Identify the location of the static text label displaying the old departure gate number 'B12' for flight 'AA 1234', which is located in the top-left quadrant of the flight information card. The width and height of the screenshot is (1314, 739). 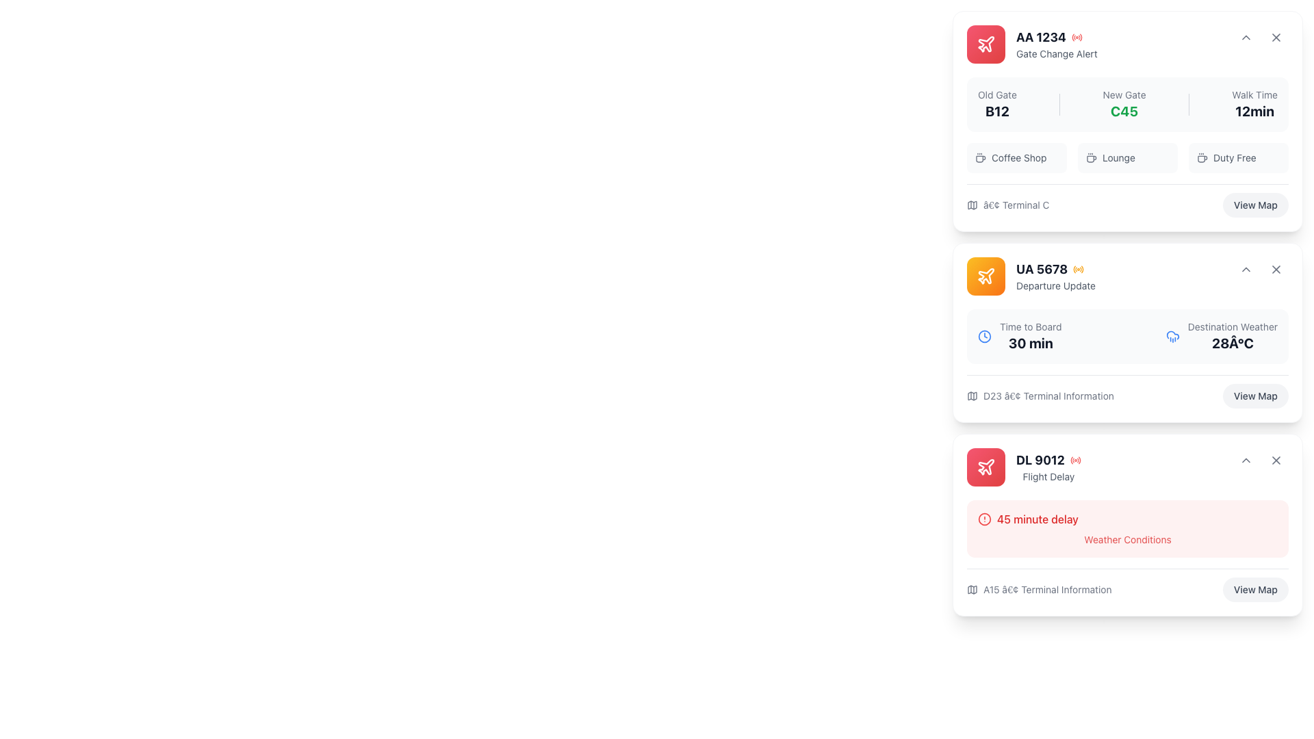
(997, 110).